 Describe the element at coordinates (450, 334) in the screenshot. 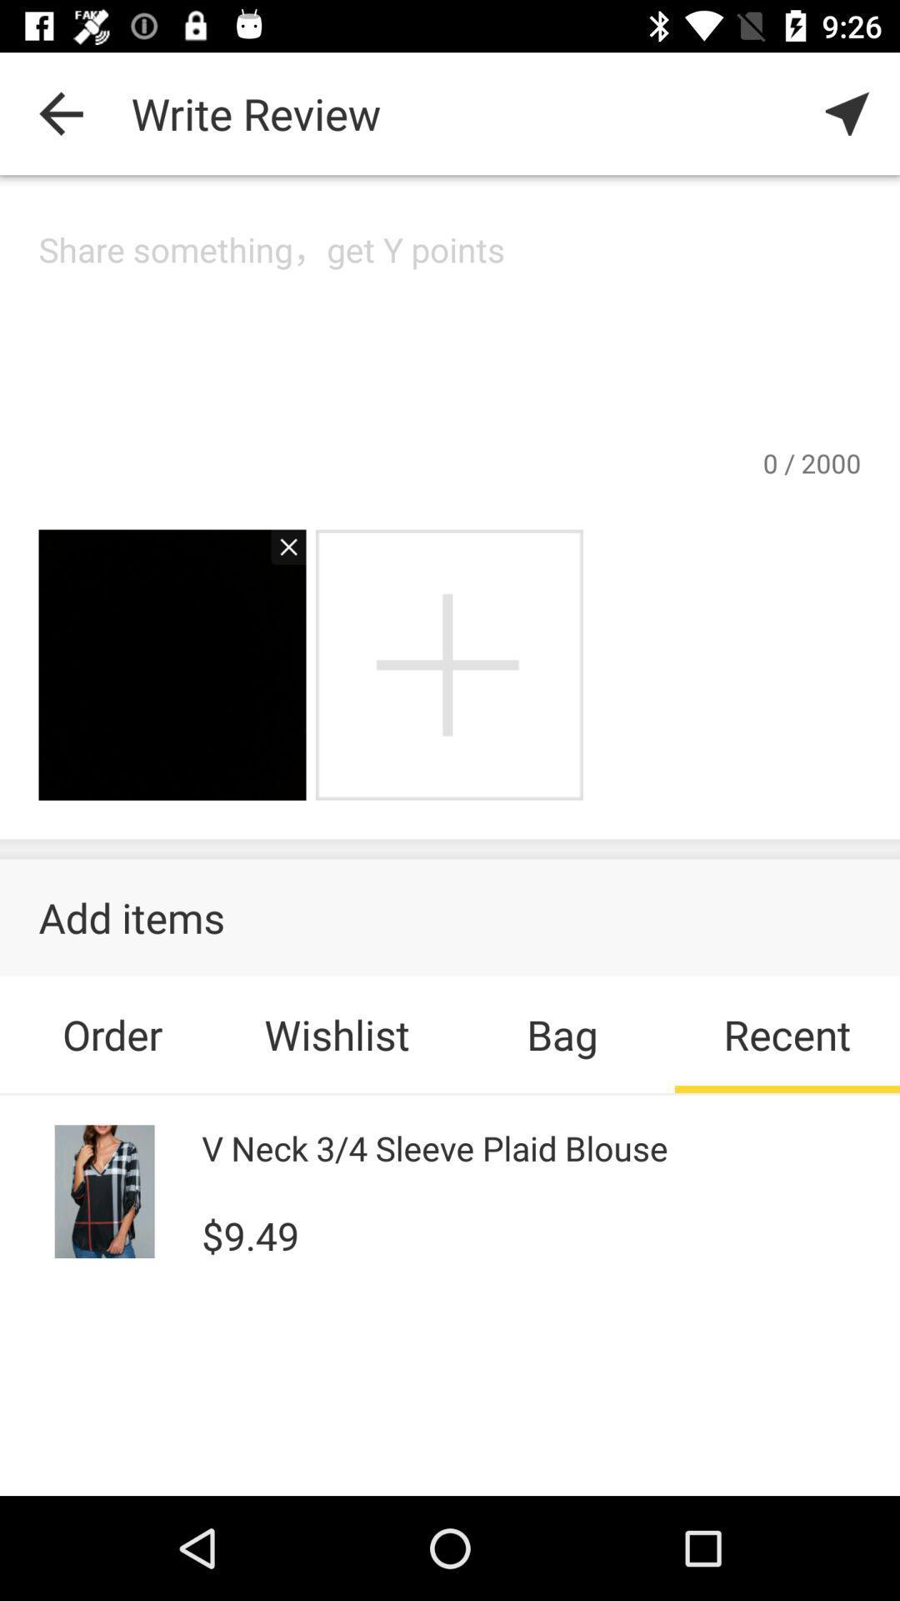

I see `write review content` at that location.